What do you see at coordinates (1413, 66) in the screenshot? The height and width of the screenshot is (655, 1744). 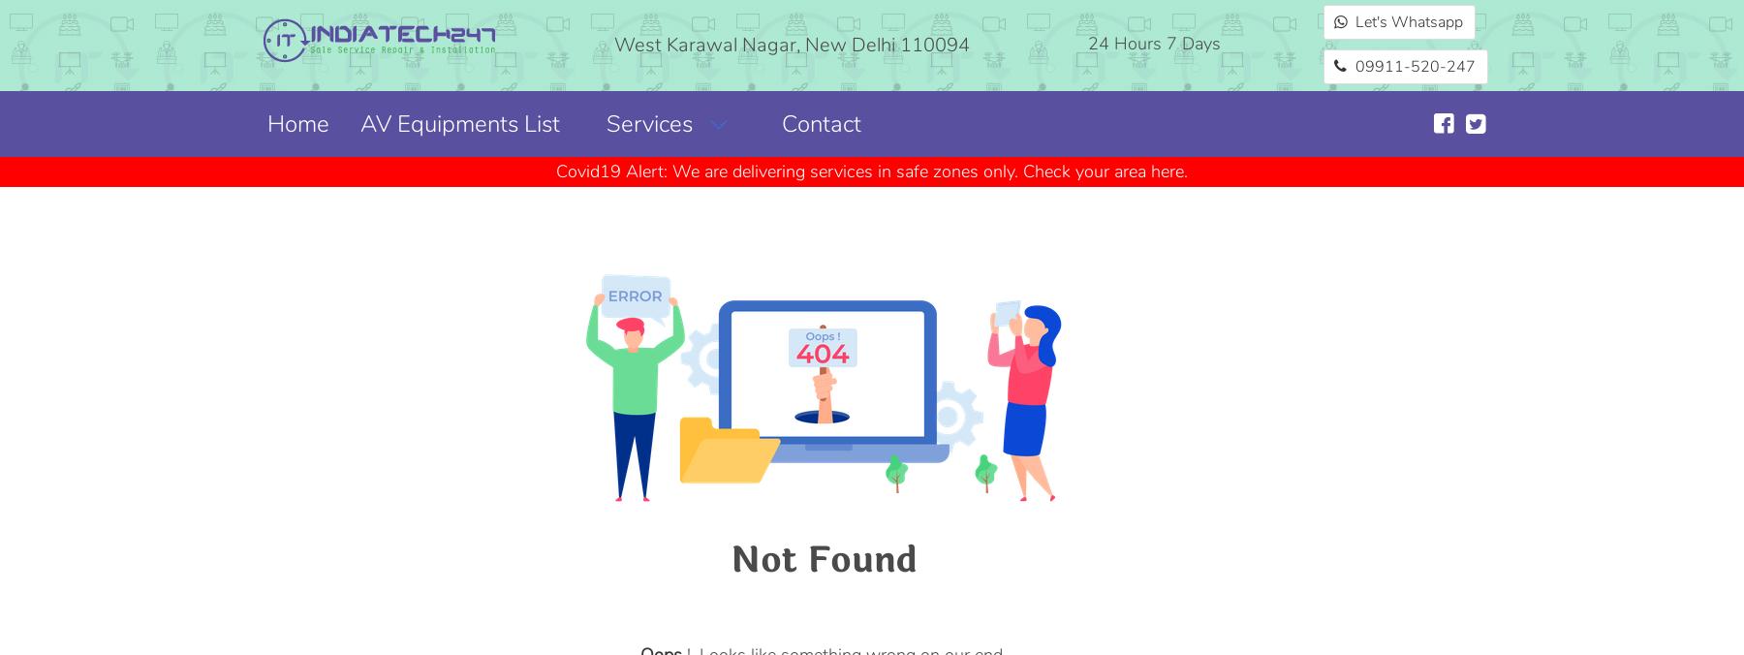 I see `'09911-520-247'` at bounding box center [1413, 66].